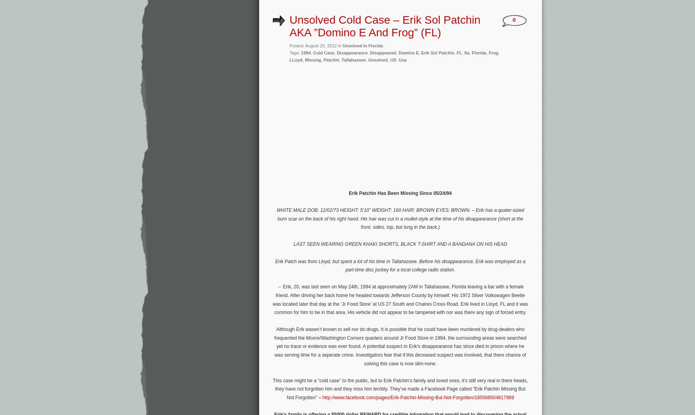 The image size is (695, 415). I want to click on 'Disappeared', so click(383, 52).